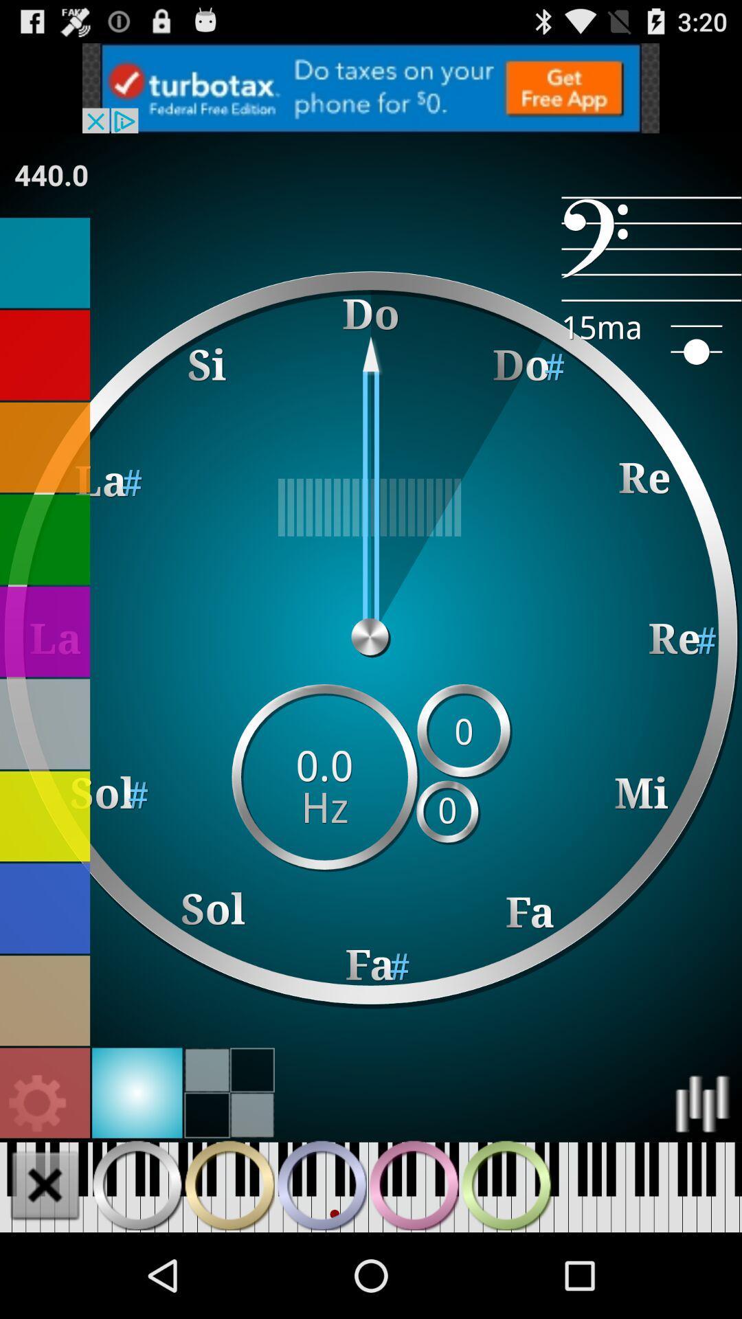 The height and width of the screenshot is (1319, 742). Describe the element at coordinates (37, 1104) in the screenshot. I see `open settings` at that location.